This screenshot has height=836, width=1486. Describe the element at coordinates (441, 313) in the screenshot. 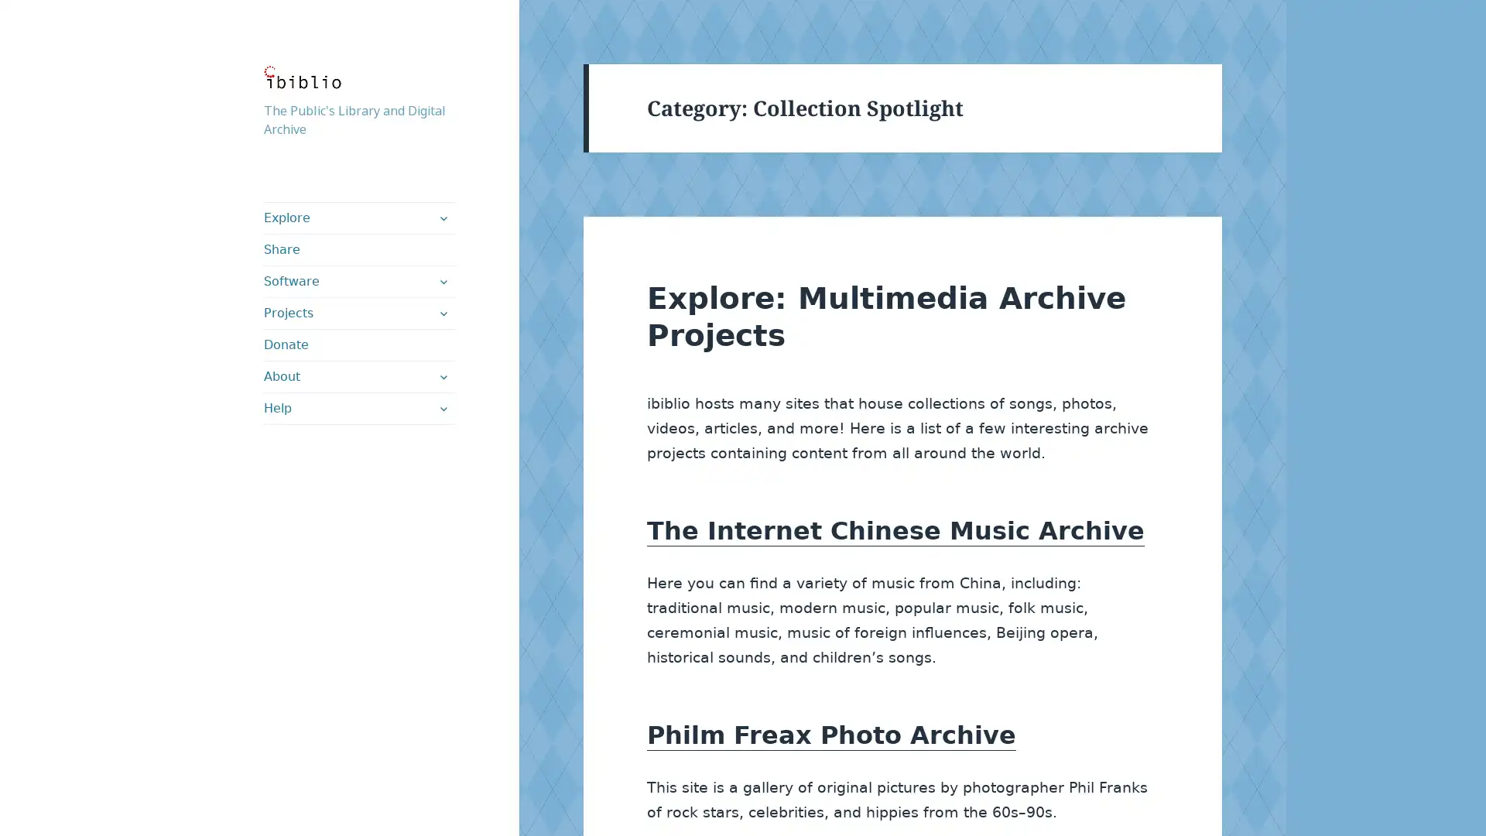

I see `expand child menu` at that location.